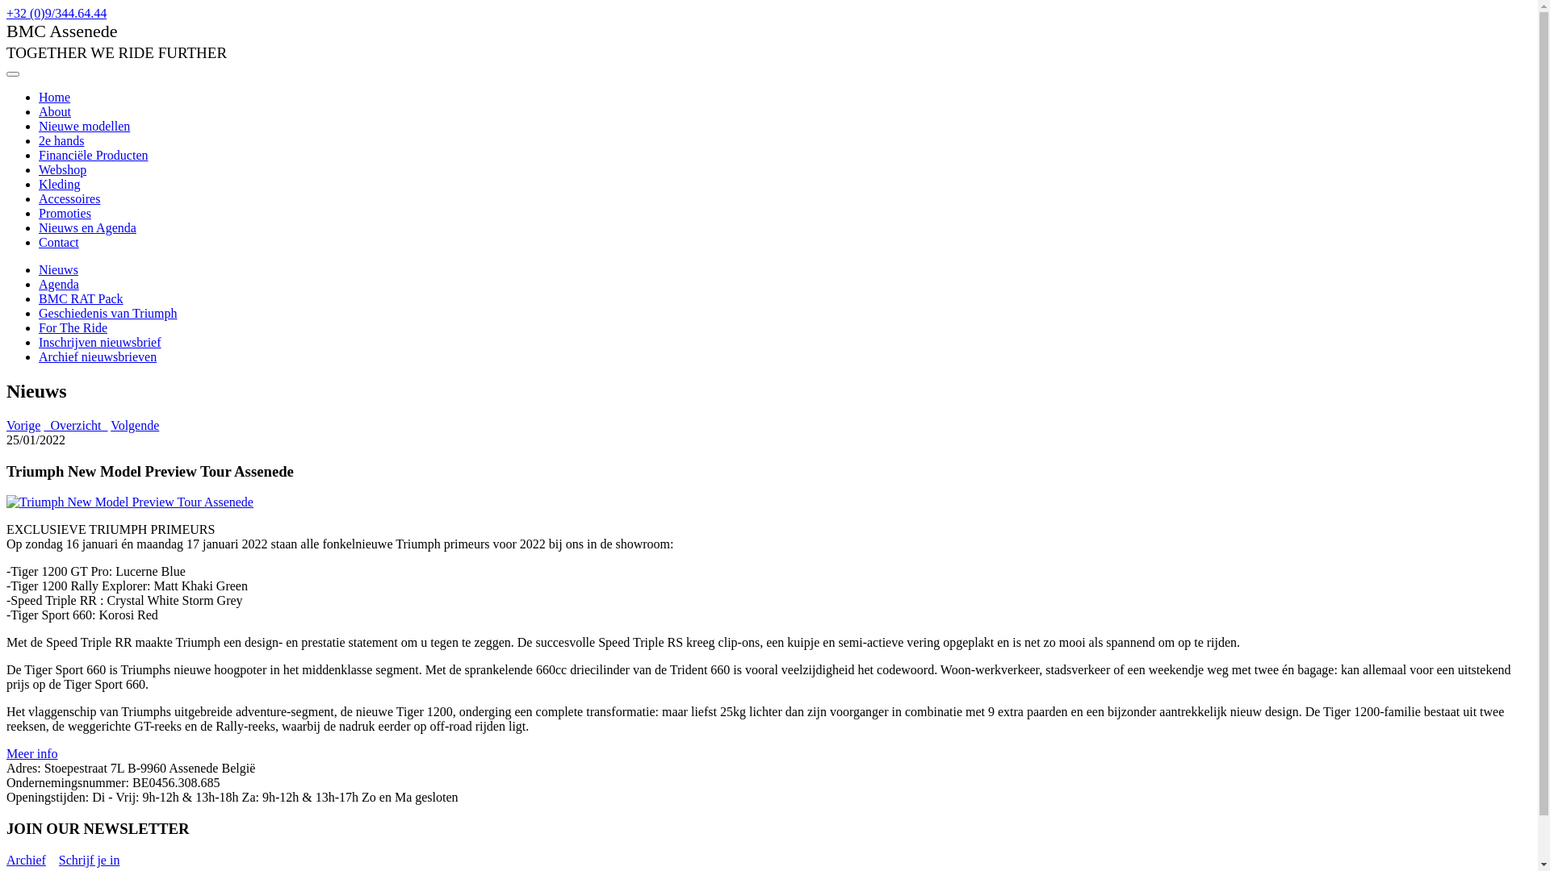  What do you see at coordinates (23, 424) in the screenshot?
I see `'Vorige'` at bounding box center [23, 424].